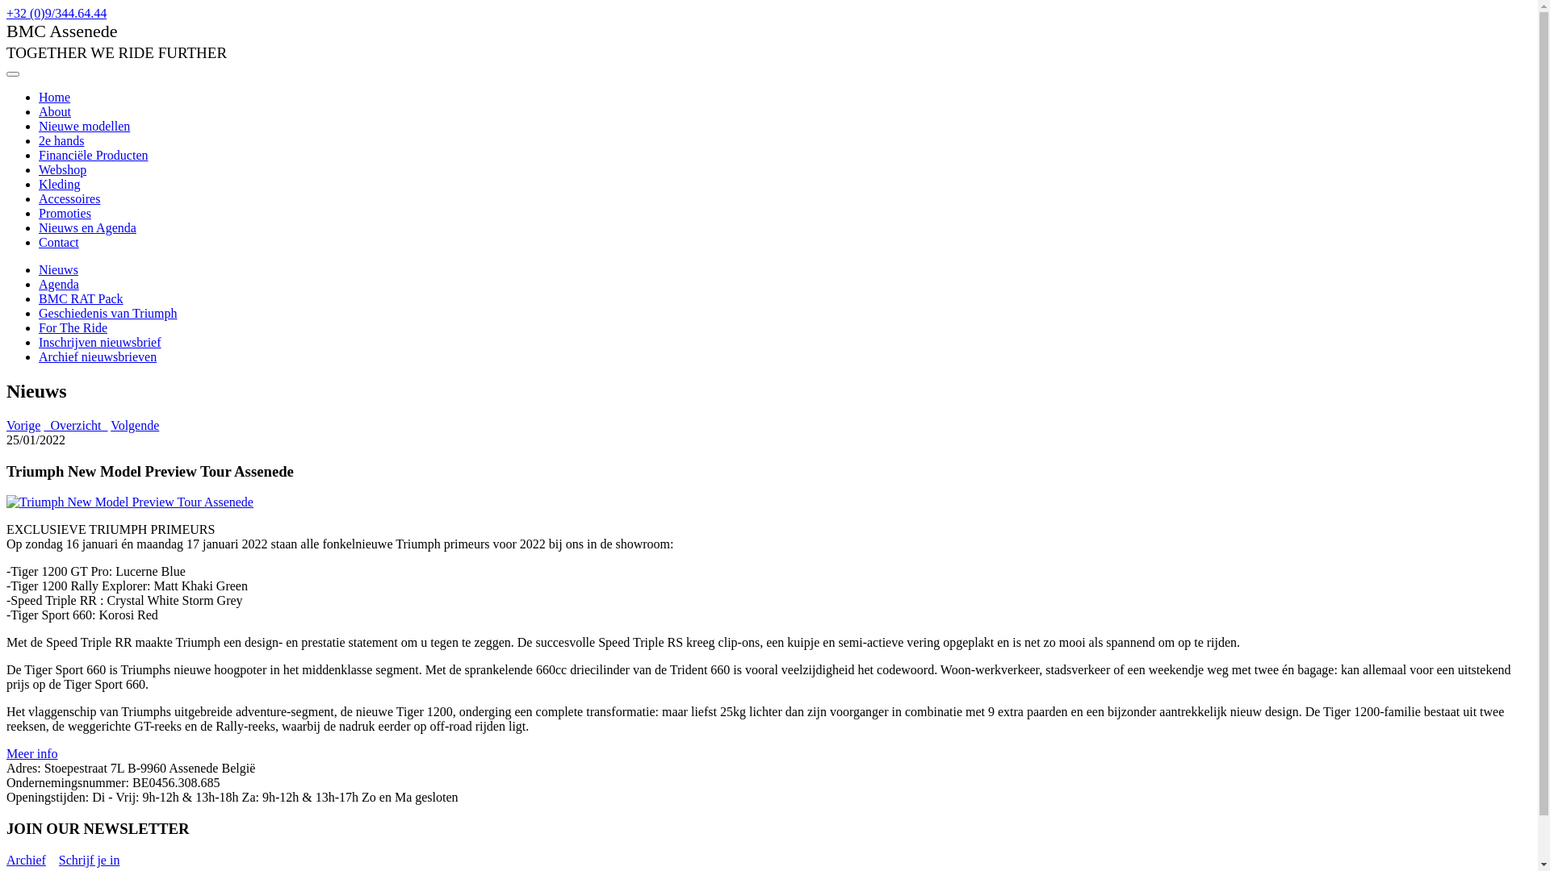  What do you see at coordinates (23, 424) in the screenshot?
I see `'Vorige'` at bounding box center [23, 424].